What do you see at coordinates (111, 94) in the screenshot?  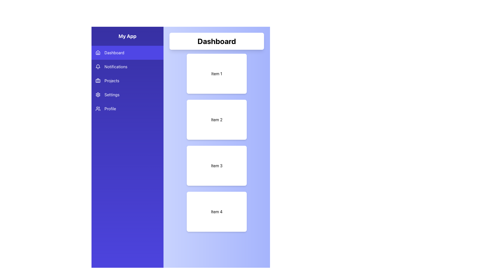 I see `the 'Settings' static text label in the vertical navigation sidebar, which is the fourth option below 'Projects' and above 'Profile'` at bounding box center [111, 94].